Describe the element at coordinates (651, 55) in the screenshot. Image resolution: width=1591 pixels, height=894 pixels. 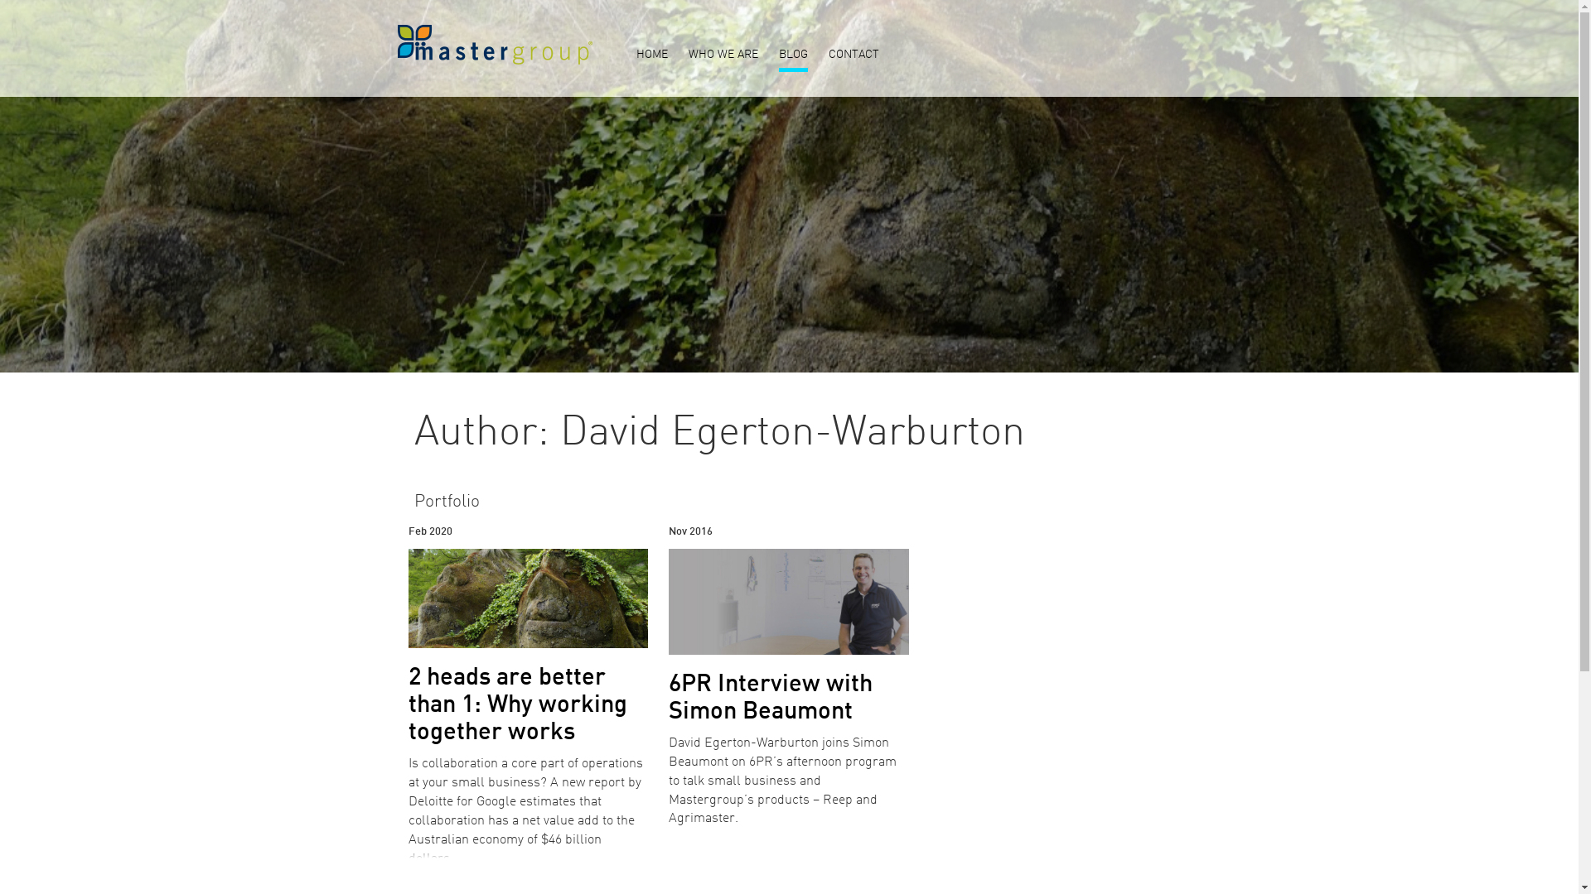
I see `'HOME'` at that location.